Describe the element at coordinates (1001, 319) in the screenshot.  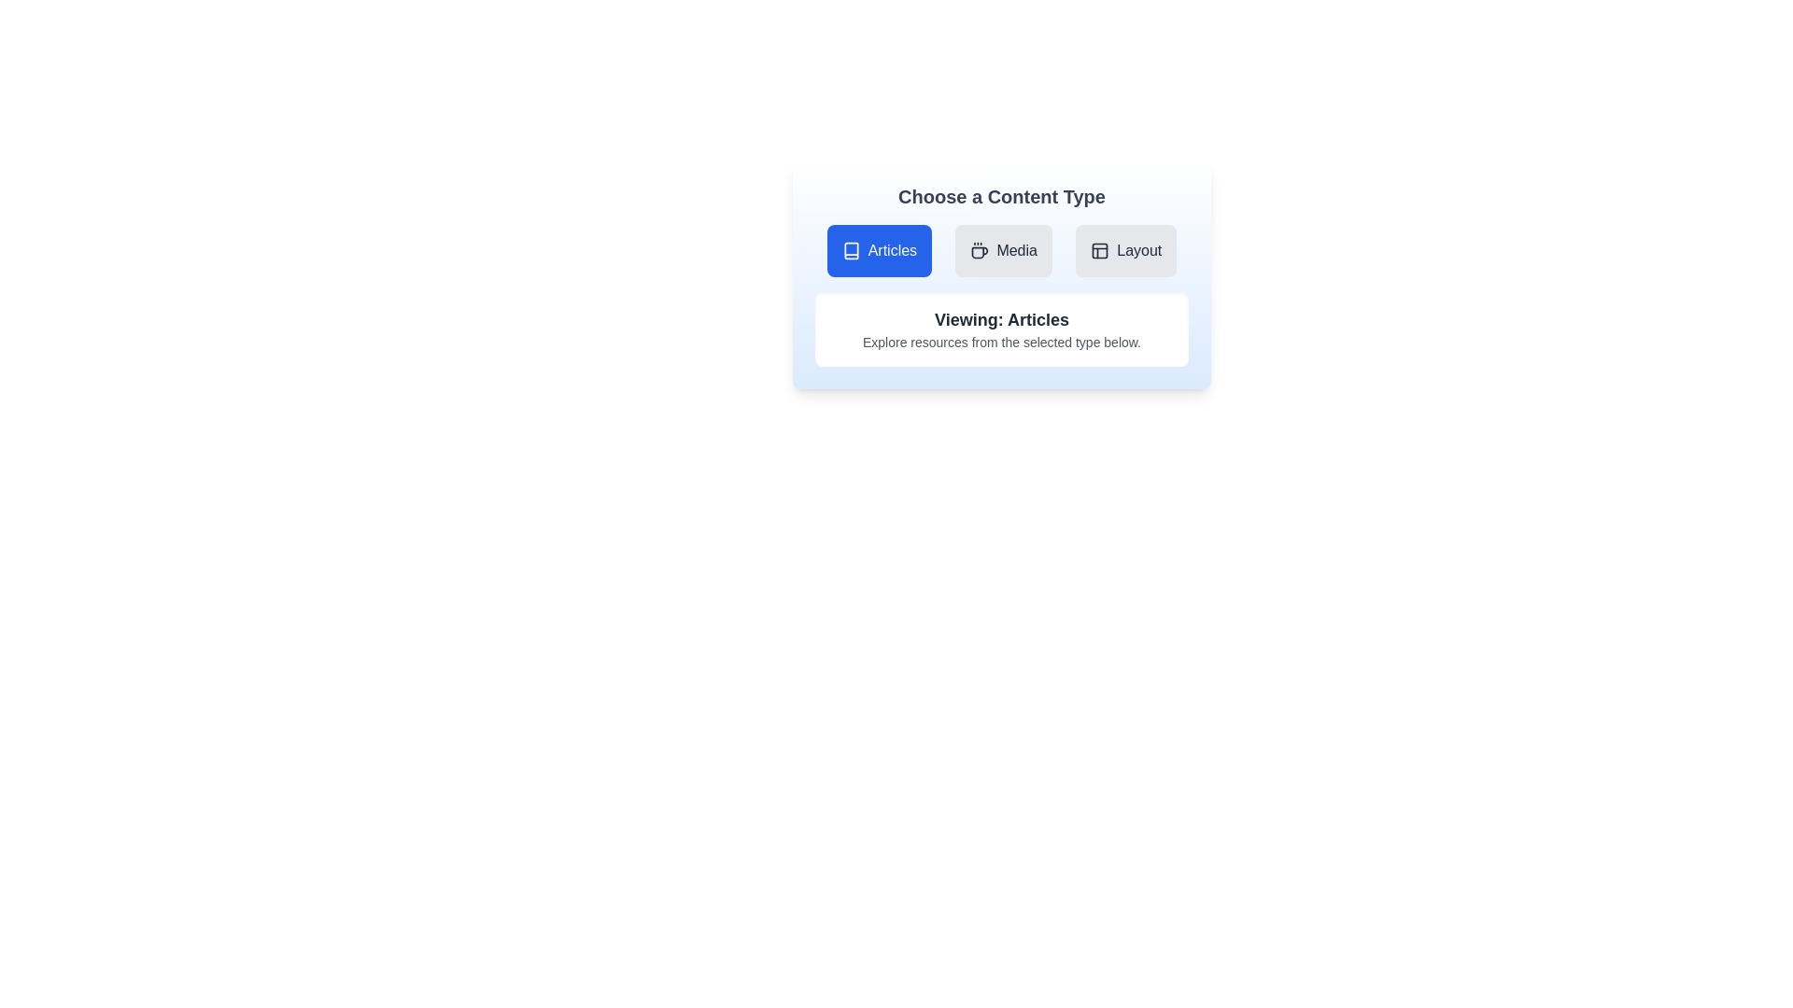
I see `text displayed in the Text label, which is centrally located beneath the button-like elements labeled 'Articles', 'Media', and 'Layout'` at that location.